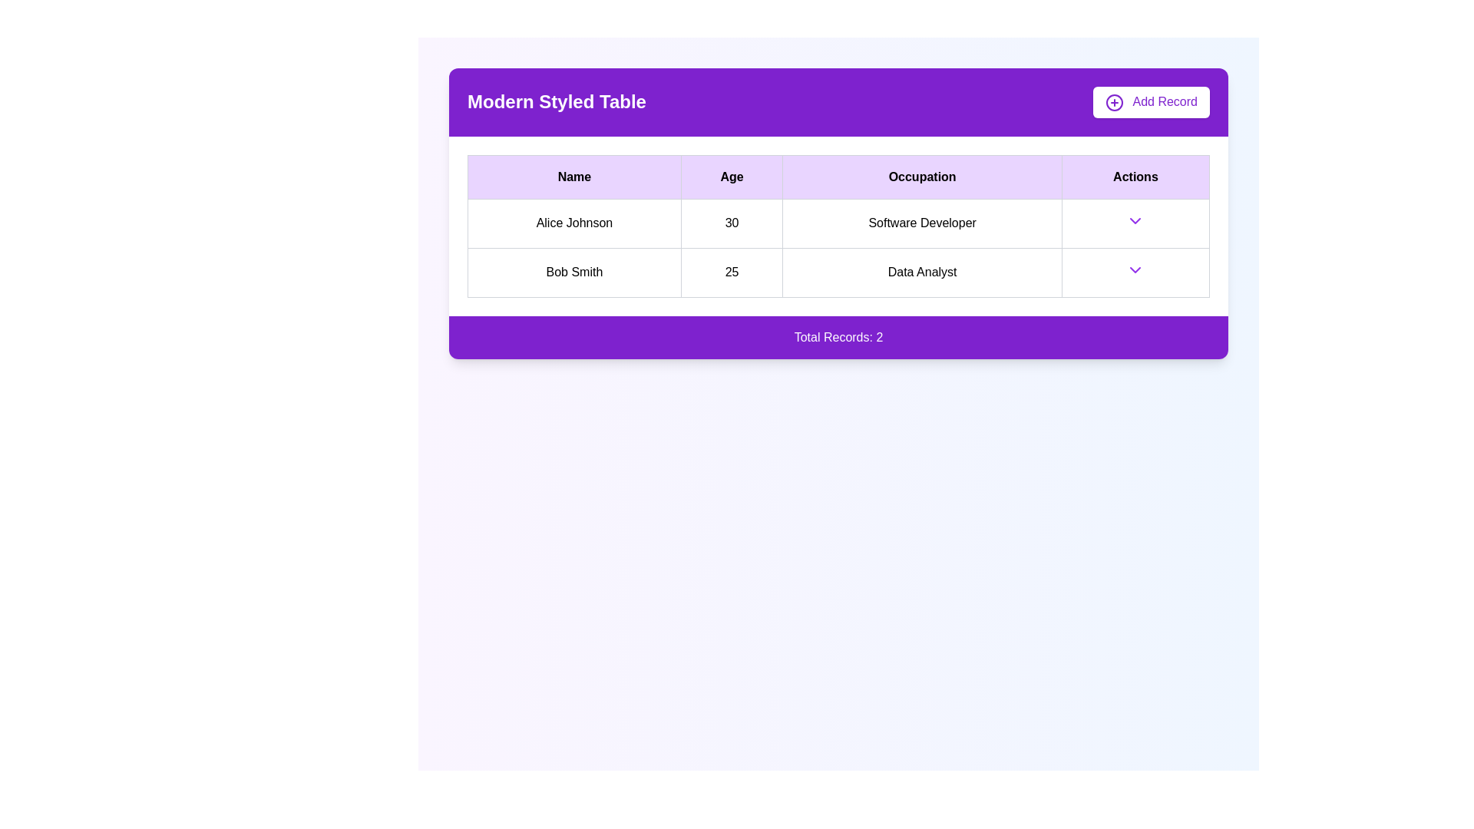 The height and width of the screenshot is (829, 1474). What do you see at coordinates (731, 176) in the screenshot?
I see `the 'Age' table header cell` at bounding box center [731, 176].